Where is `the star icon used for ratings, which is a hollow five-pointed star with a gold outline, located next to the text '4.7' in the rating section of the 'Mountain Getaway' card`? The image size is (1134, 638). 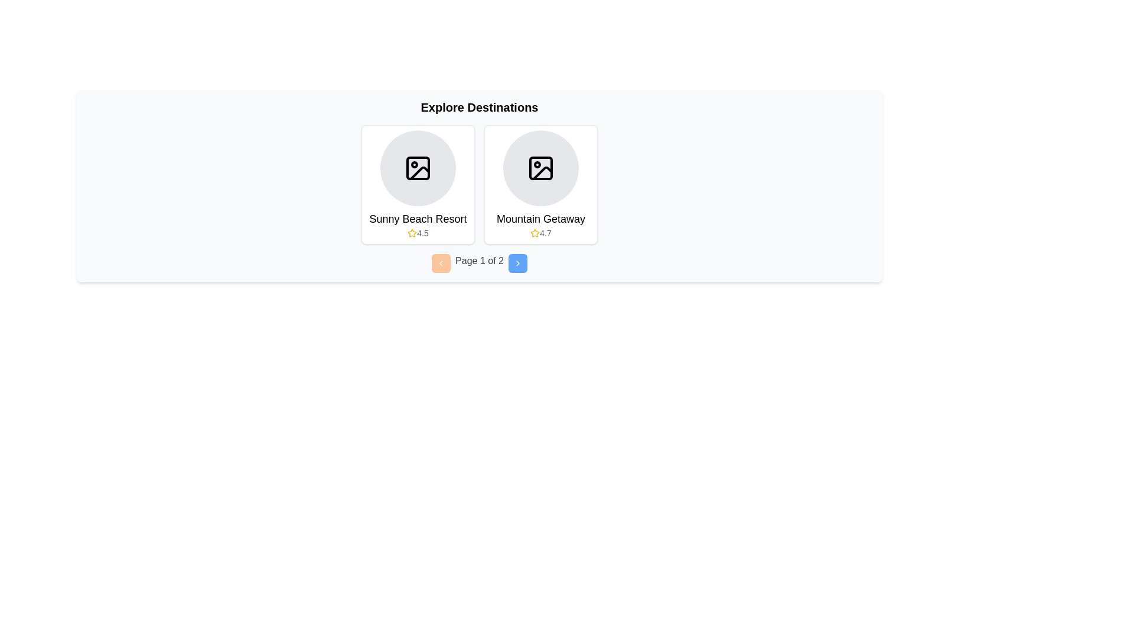 the star icon used for ratings, which is a hollow five-pointed star with a gold outline, located next to the text '4.7' in the rating section of the 'Mountain Getaway' card is located at coordinates (535, 233).